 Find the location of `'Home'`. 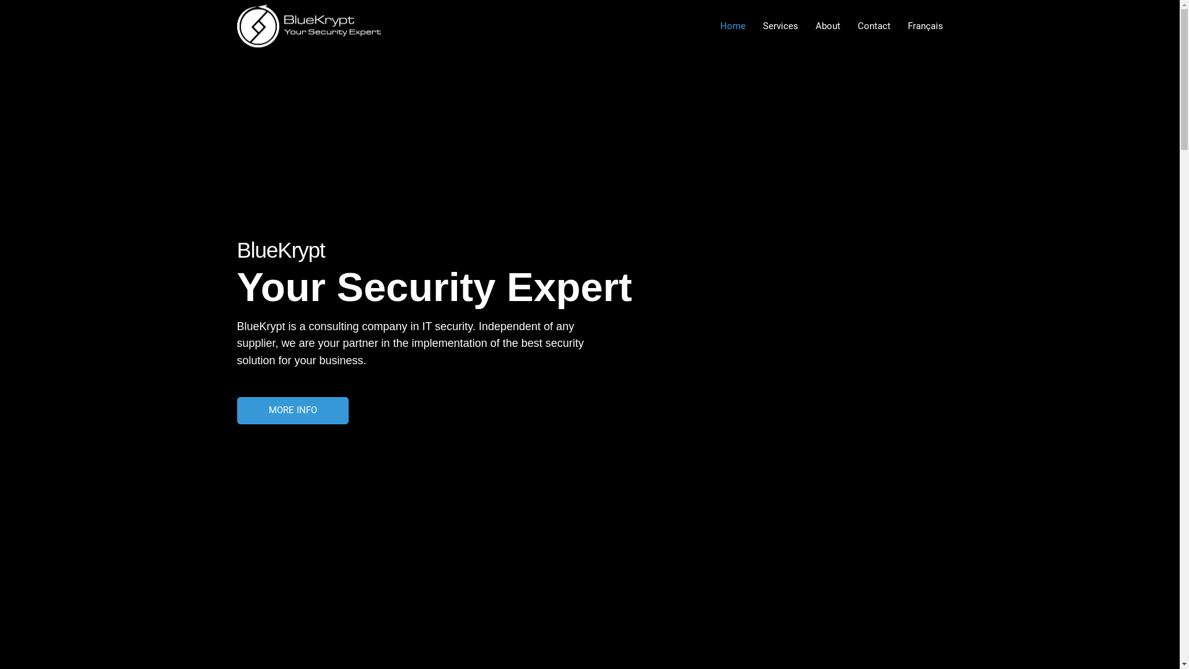

'Home' is located at coordinates (732, 26).